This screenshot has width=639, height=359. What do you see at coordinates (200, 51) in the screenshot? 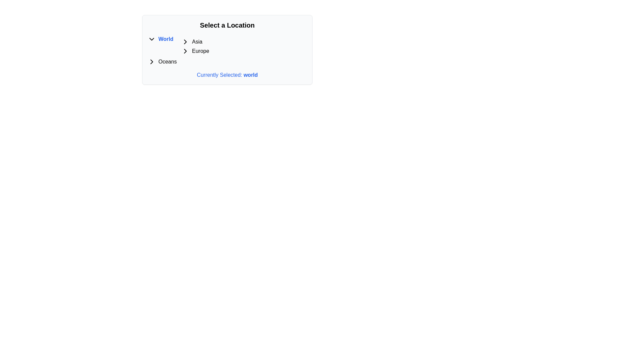
I see `the button` at bounding box center [200, 51].